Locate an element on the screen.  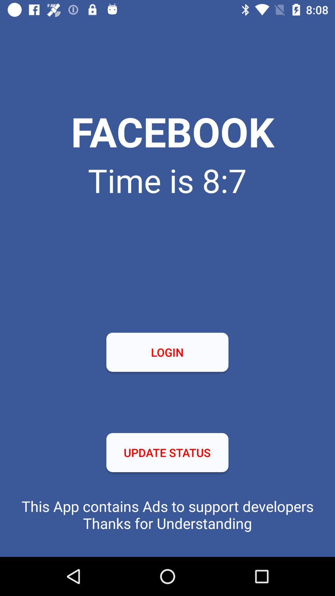
the icon below time is 8 is located at coordinates (167, 352).